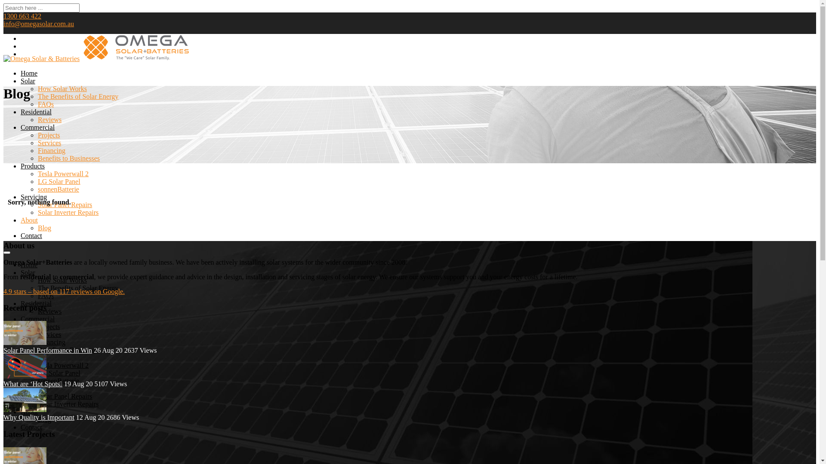 Image resolution: width=826 pixels, height=464 pixels. What do you see at coordinates (25, 333) in the screenshot?
I see `'Solar Panel Performance in Winter'` at bounding box center [25, 333].